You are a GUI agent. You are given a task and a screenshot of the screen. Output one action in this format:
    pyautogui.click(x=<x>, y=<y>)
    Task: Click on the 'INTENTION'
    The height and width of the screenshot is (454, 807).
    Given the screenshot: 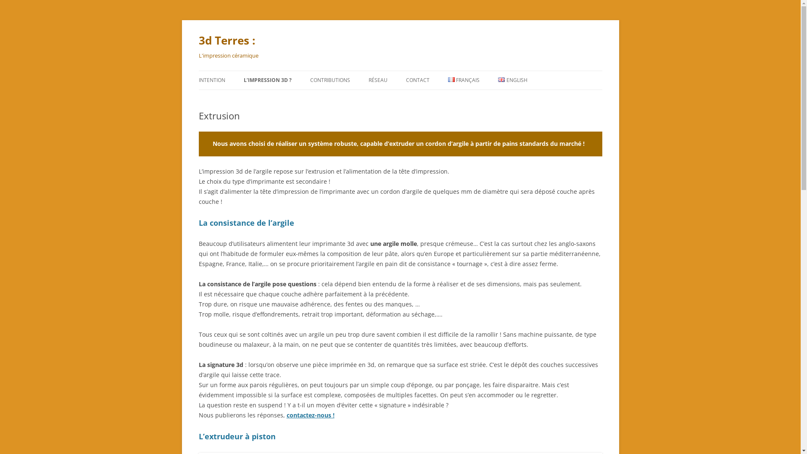 What is the action you would take?
    pyautogui.click(x=211, y=80)
    